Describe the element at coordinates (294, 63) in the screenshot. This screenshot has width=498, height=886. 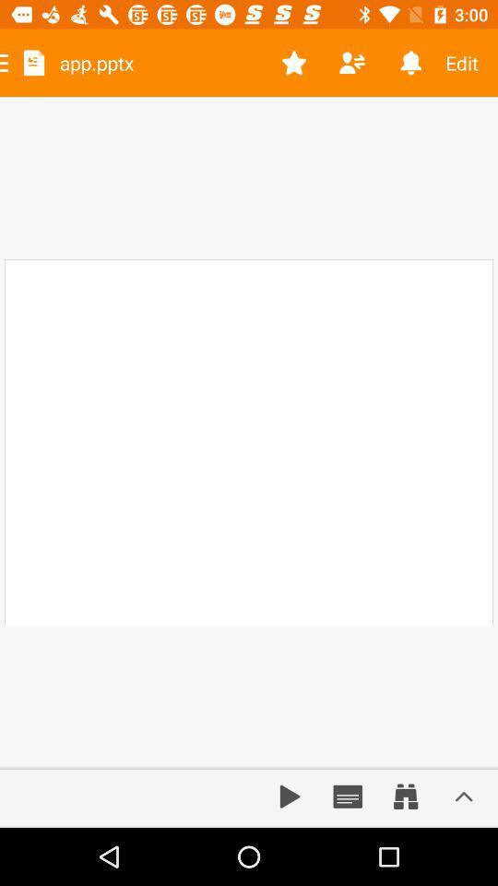
I see `the app` at that location.